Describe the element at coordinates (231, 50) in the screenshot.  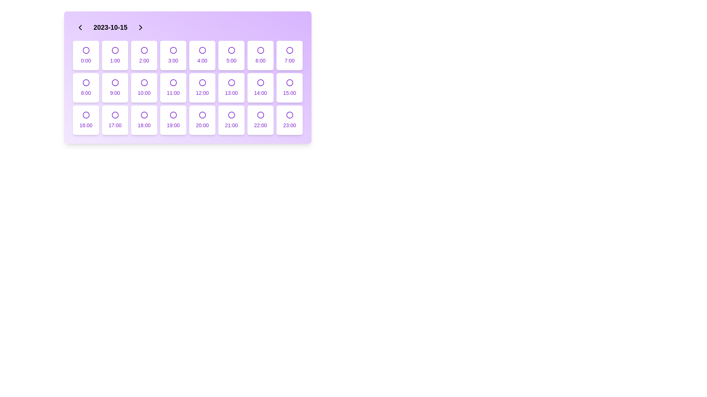
I see `the circular radio button with a purple border that represents the '5:00' time interval in the grid layout` at that location.